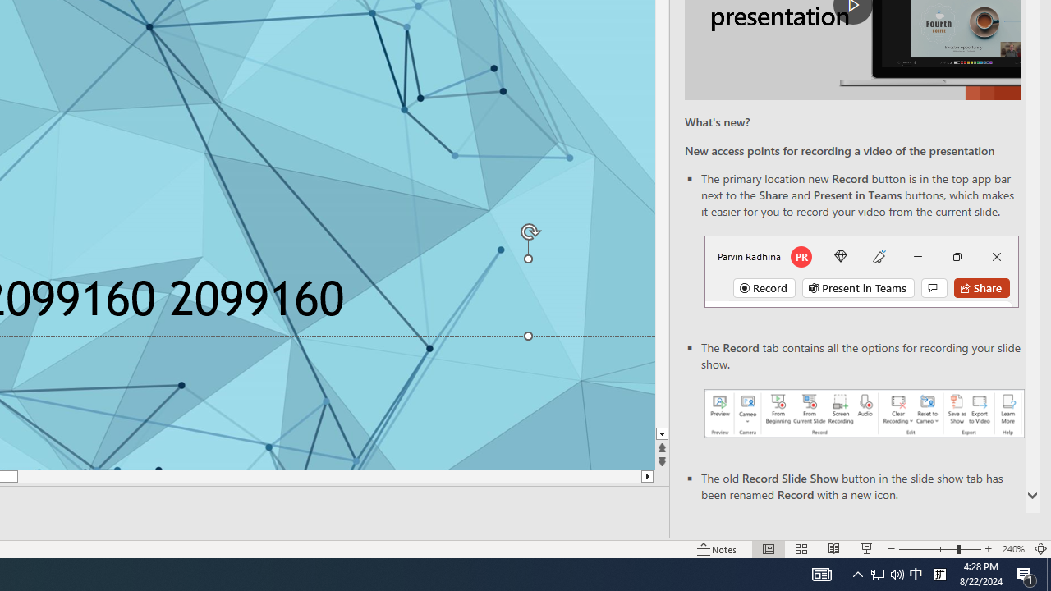  I want to click on 'Zoom 240%', so click(1012, 549).